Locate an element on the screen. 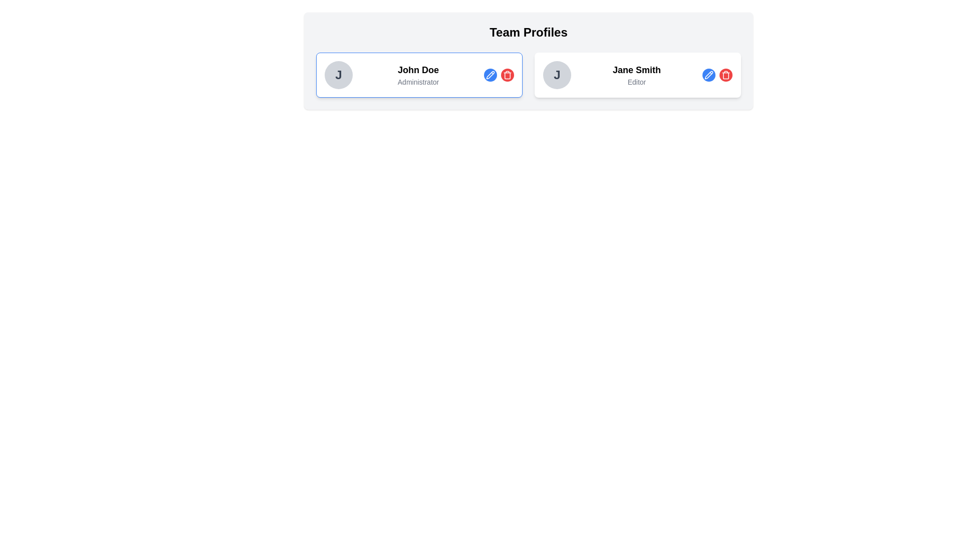 This screenshot has height=541, width=962. the text label displaying 'Editor', which is located directly underneath the name 'Jane Smith' in the profile panel is located at coordinates (636, 82).